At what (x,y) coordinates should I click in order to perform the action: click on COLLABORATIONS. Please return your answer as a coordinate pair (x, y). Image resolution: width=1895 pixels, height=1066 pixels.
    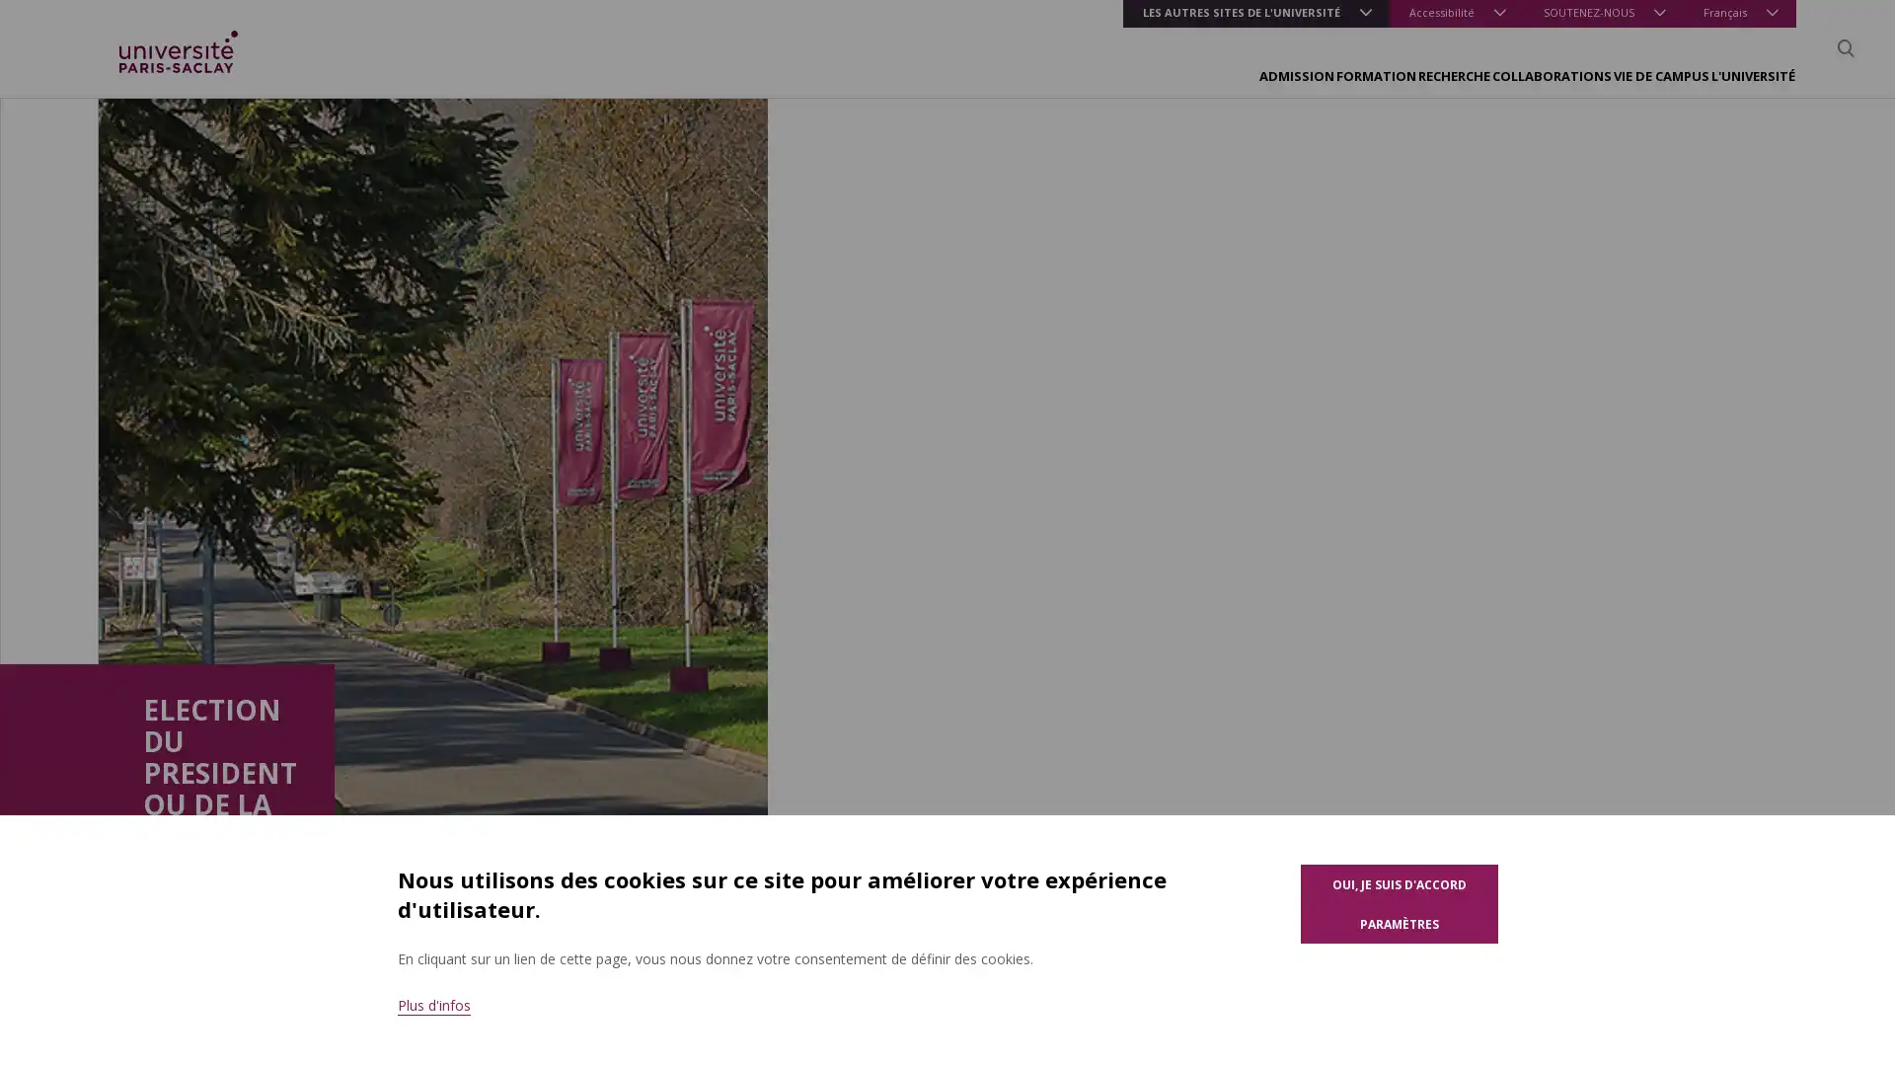
    Looking at the image, I should click on (1406, 67).